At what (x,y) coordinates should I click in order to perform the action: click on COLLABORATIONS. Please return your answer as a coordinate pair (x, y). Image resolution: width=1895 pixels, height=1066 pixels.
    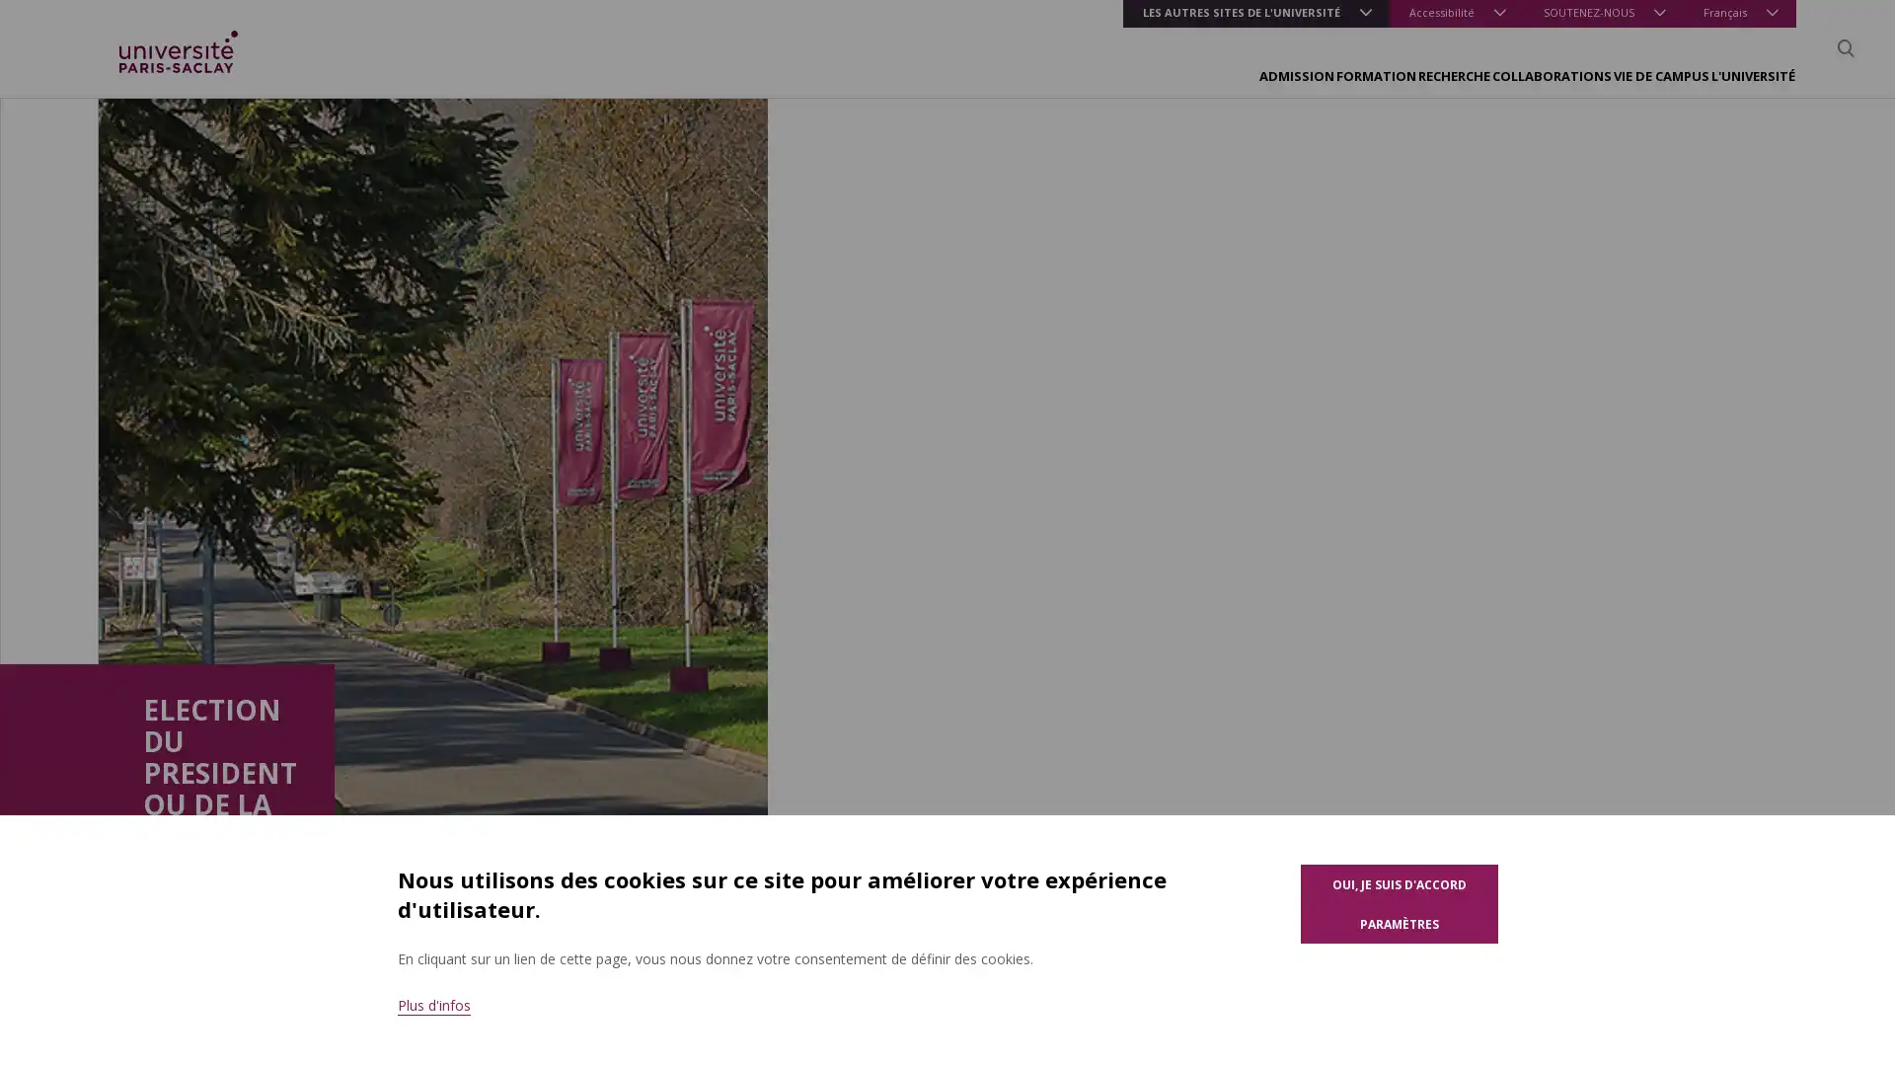
    Looking at the image, I should click on (1406, 67).